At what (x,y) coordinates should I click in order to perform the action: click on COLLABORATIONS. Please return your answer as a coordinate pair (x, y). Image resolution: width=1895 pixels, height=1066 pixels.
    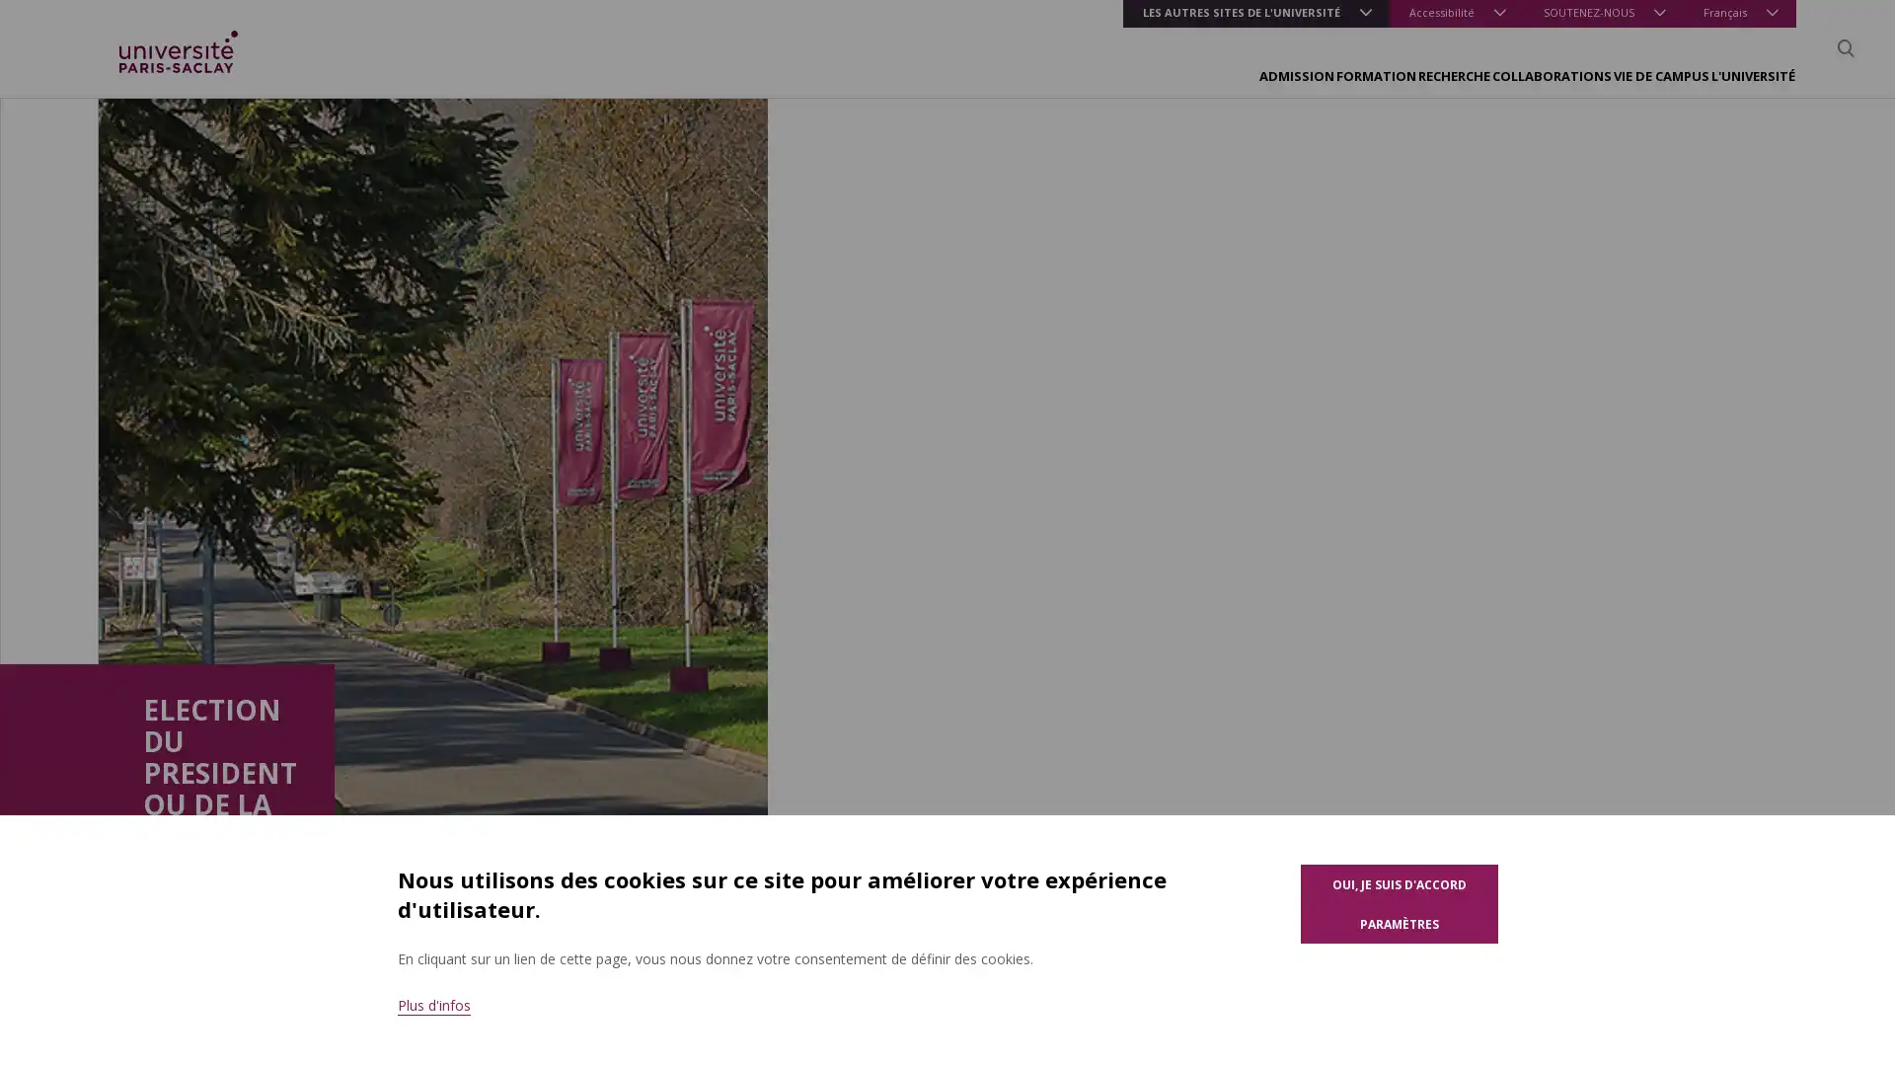
    Looking at the image, I should click on (1406, 67).